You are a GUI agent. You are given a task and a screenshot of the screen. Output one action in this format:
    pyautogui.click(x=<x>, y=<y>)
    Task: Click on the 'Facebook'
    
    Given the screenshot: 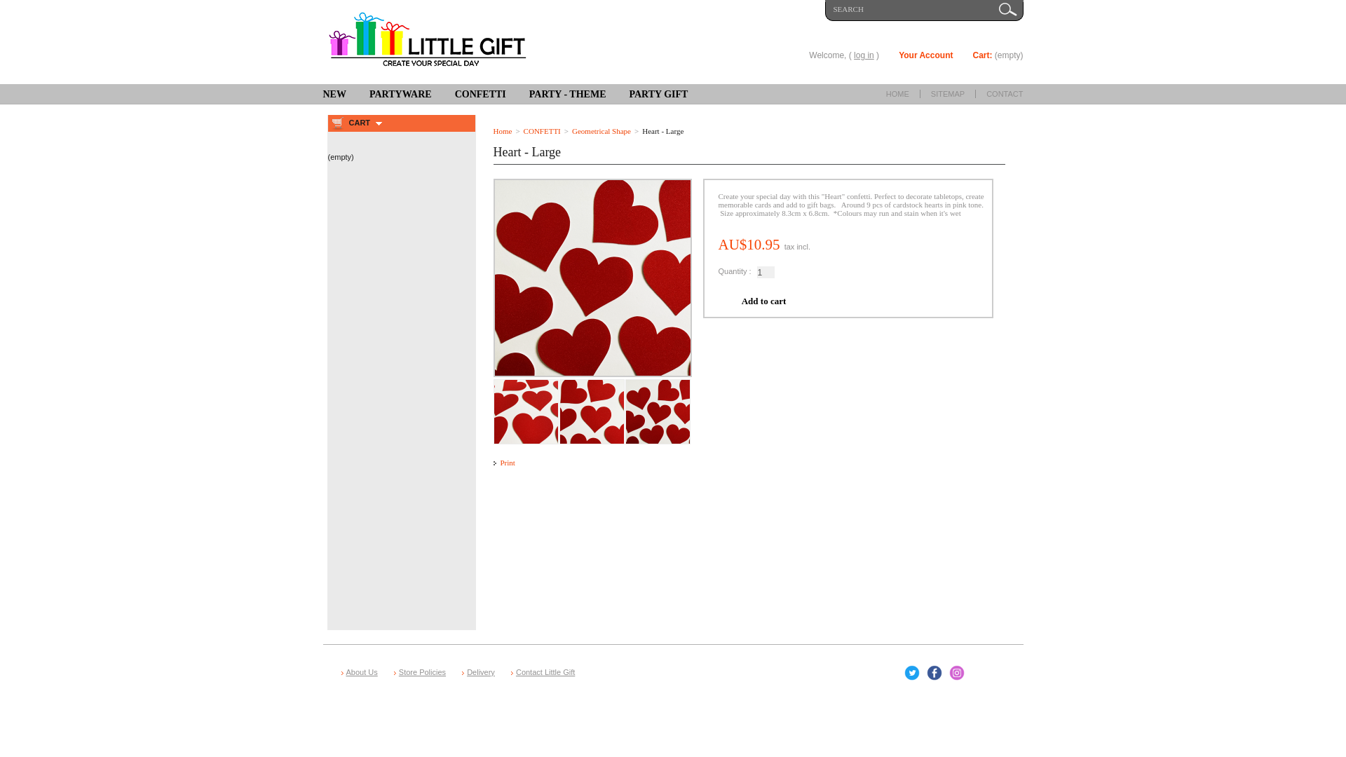 What is the action you would take?
    pyautogui.click(x=934, y=672)
    